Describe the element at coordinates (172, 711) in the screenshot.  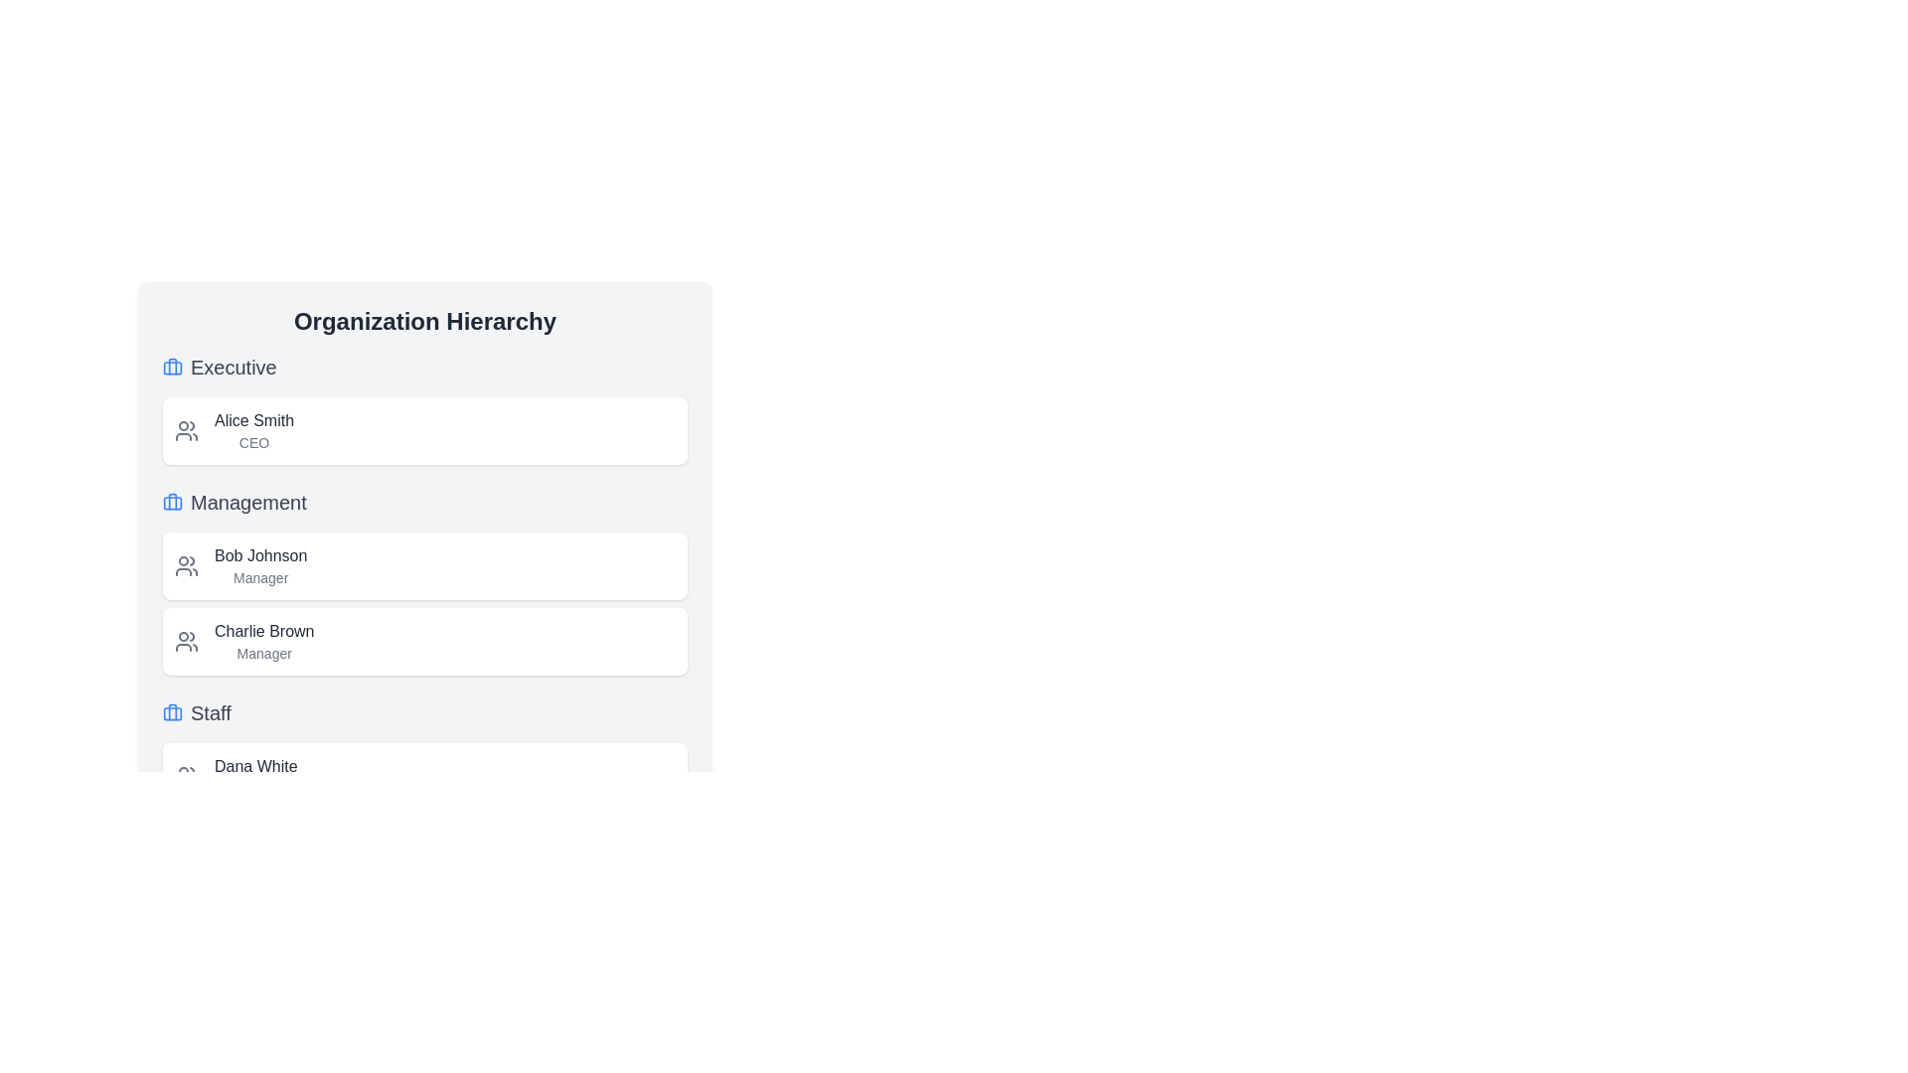
I see `the blue-styled rectangular icon representing a briefcase located in the 'Staff' section under the 'Organization Hierarchy' heading` at that location.